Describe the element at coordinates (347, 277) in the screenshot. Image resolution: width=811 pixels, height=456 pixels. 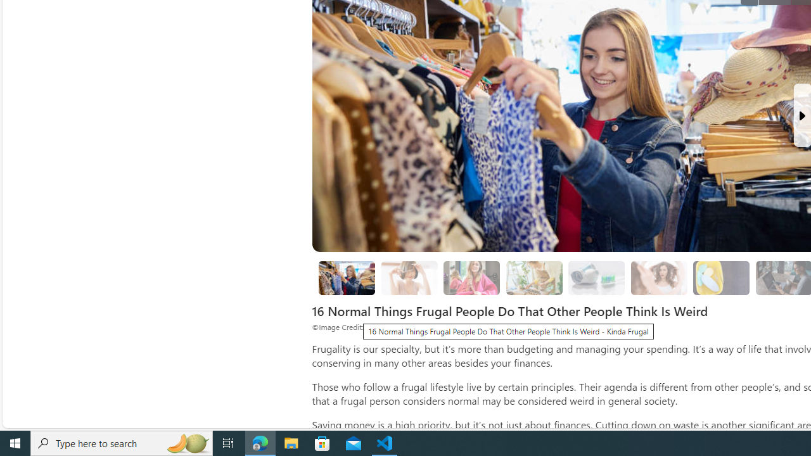
I see `'8. Thrift Shopping'` at that location.